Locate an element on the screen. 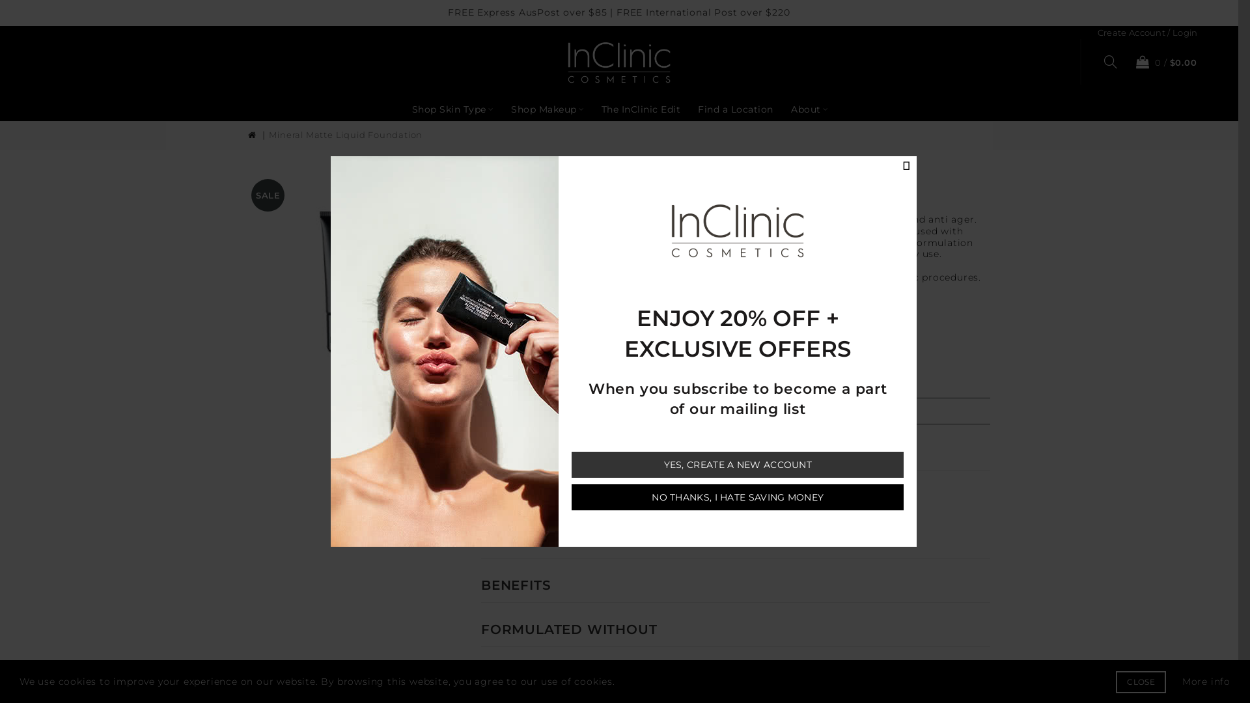 The image size is (1250, 703). 'CLOSE' is located at coordinates (1115, 682).